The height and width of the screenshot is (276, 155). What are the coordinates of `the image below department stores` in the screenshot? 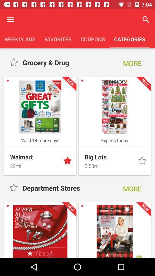 It's located at (40, 231).